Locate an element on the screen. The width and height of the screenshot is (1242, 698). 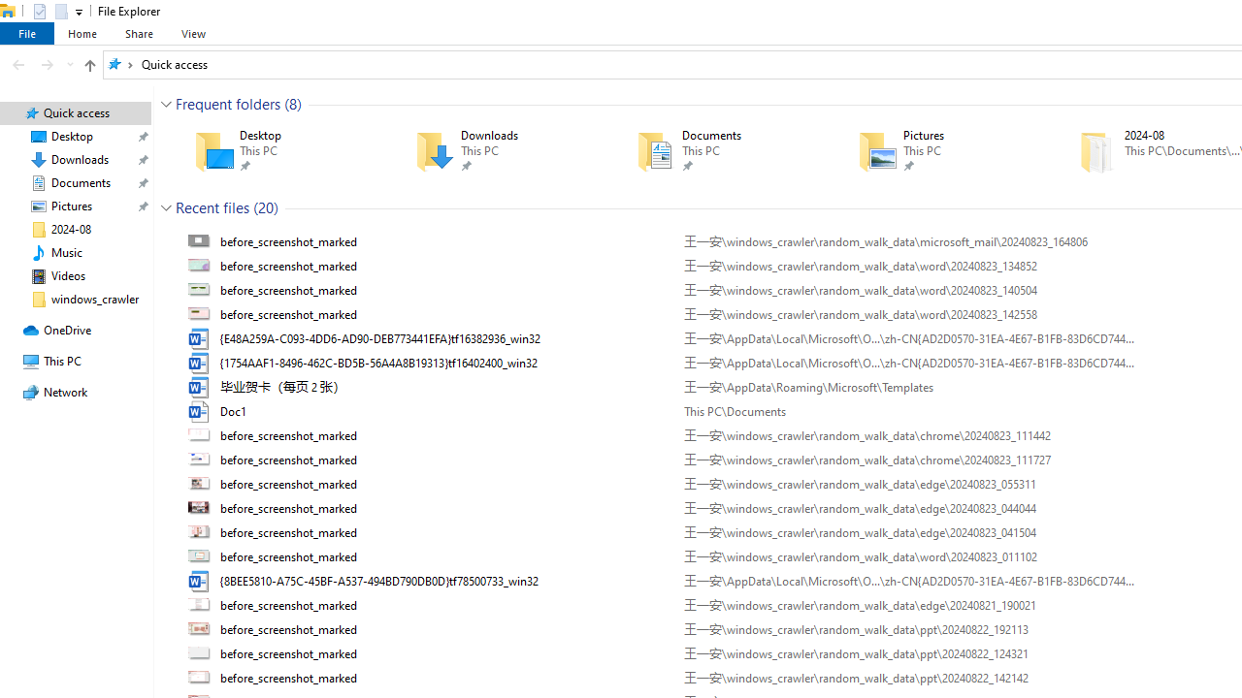
'Documents' is located at coordinates (718, 150).